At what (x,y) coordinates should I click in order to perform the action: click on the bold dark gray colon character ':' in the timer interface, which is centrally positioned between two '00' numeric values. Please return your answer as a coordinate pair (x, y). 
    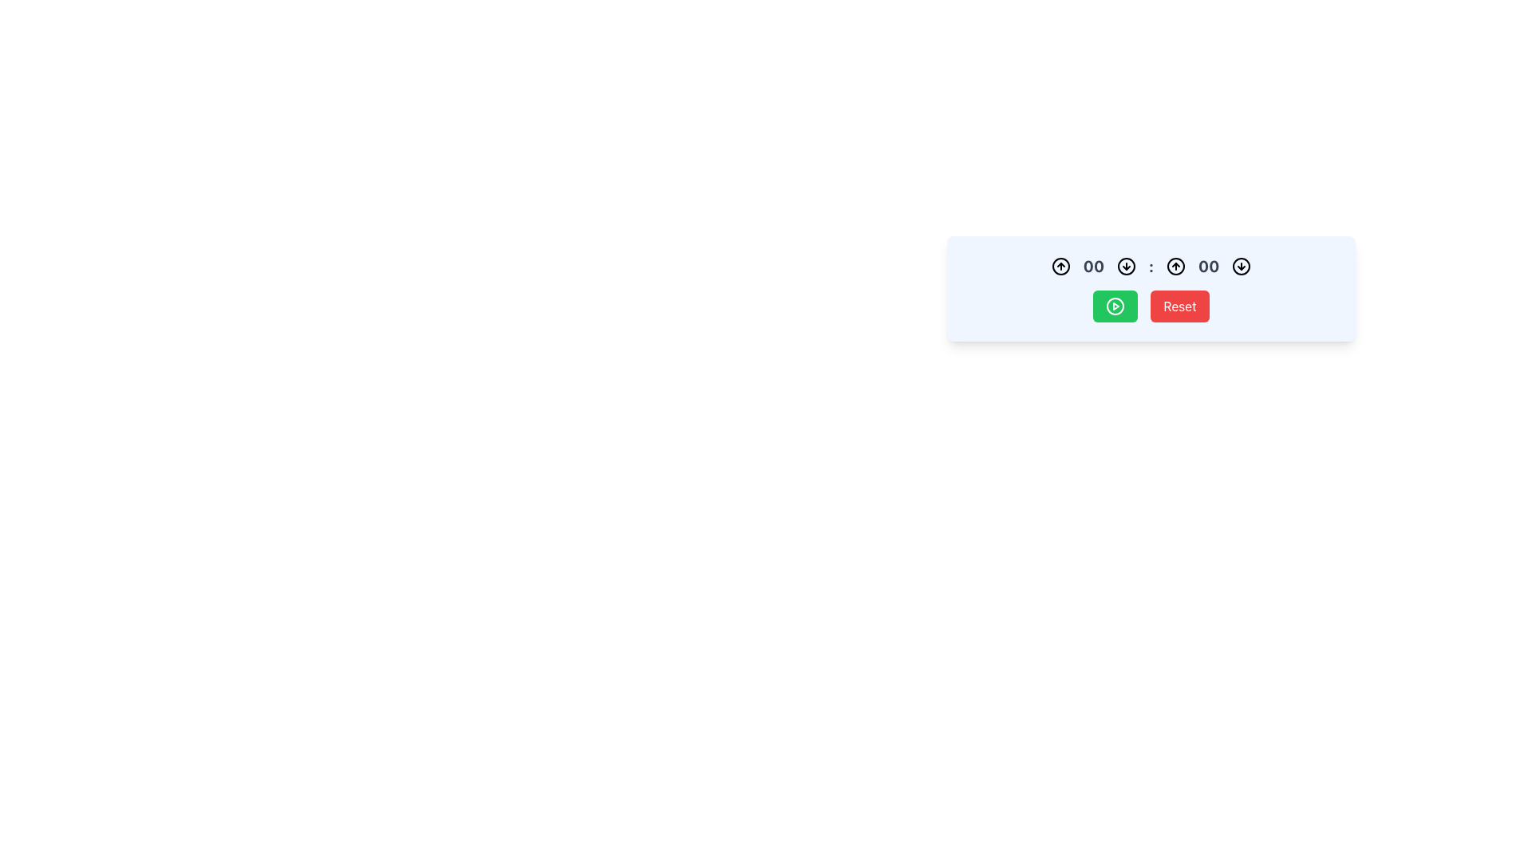
    Looking at the image, I should click on (1151, 266).